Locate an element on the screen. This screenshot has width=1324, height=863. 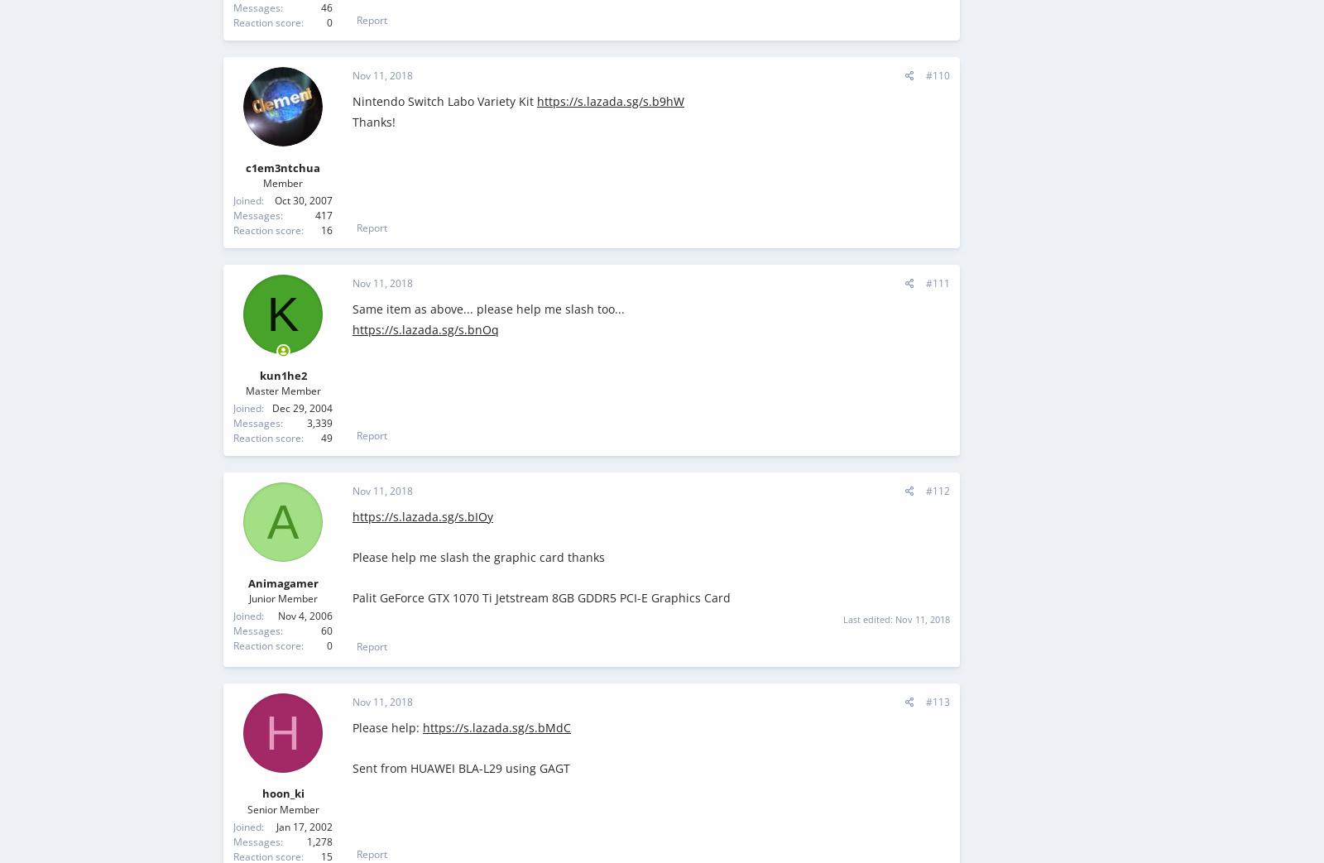
'#113' is located at coordinates (938, 701).